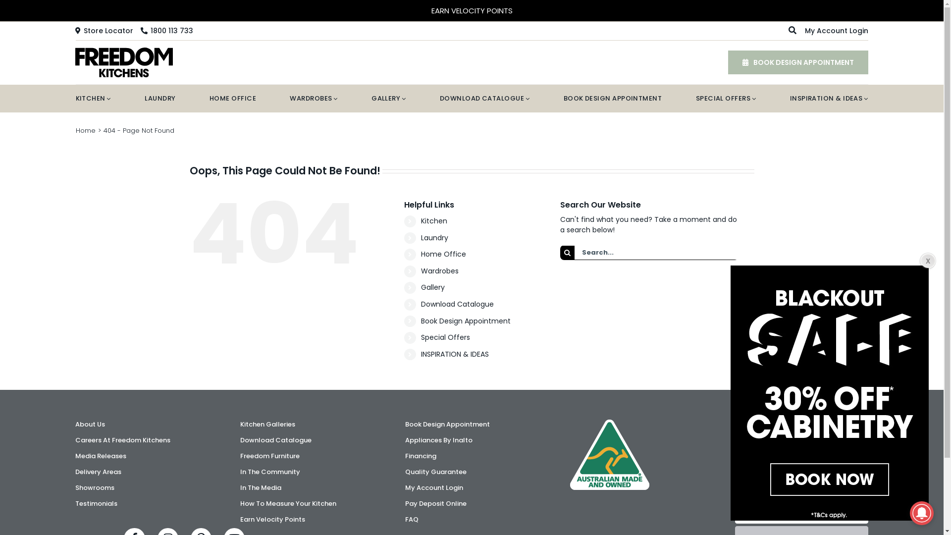  I want to click on 'Home Office', so click(443, 254).